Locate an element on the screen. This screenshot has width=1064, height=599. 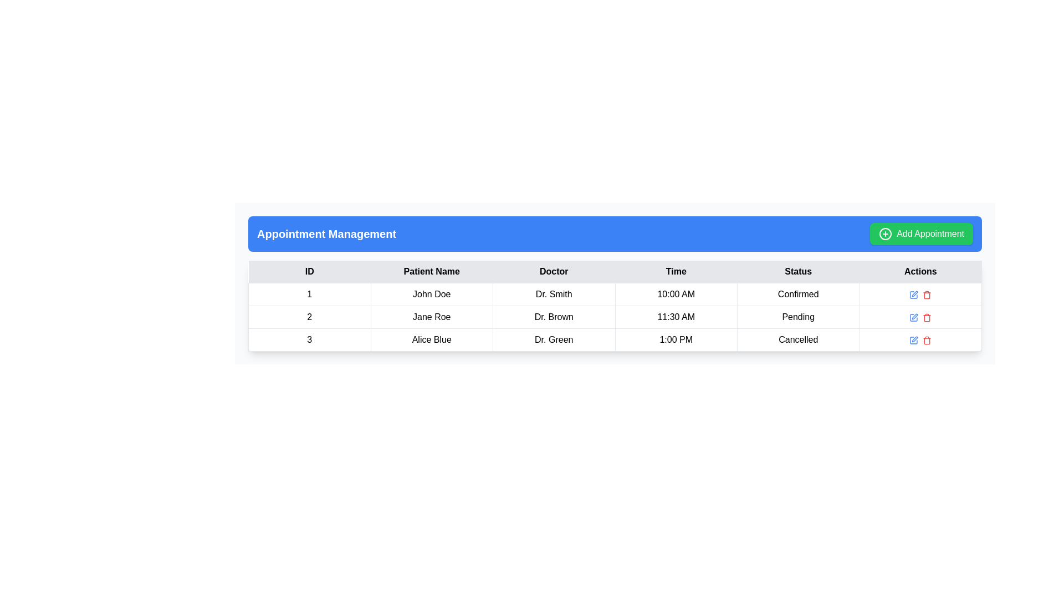
the table cell displaying the text '2' in black, located in the second row under the 'ID' column, which is the leftmost cell adjacent to the cell containing 'Jane Roe' is located at coordinates (309, 317).